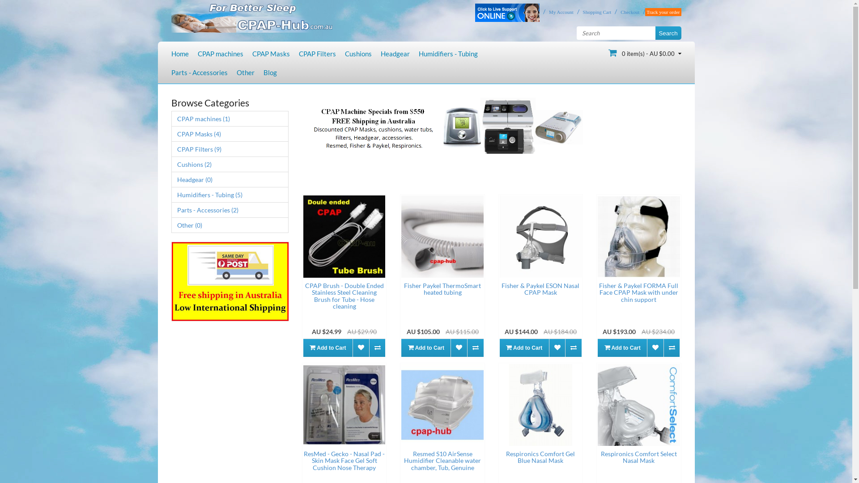 The height and width of the screenshot is (483, 859). What do you see at coordinates (245, 72) in the screenshot?
I see `'Other'` at bounding box center [245, 72].